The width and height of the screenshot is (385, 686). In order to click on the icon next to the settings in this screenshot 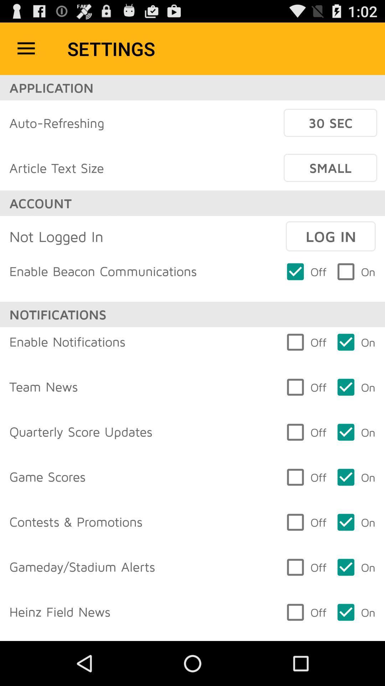, I will do `click(26, 48)`.